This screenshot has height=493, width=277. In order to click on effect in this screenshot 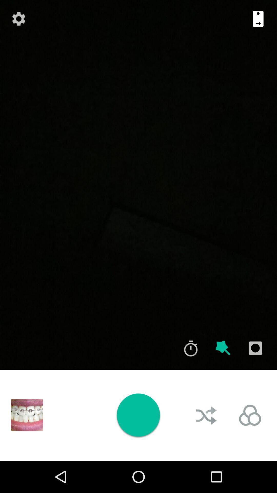, I will do `click(223, 348)`.